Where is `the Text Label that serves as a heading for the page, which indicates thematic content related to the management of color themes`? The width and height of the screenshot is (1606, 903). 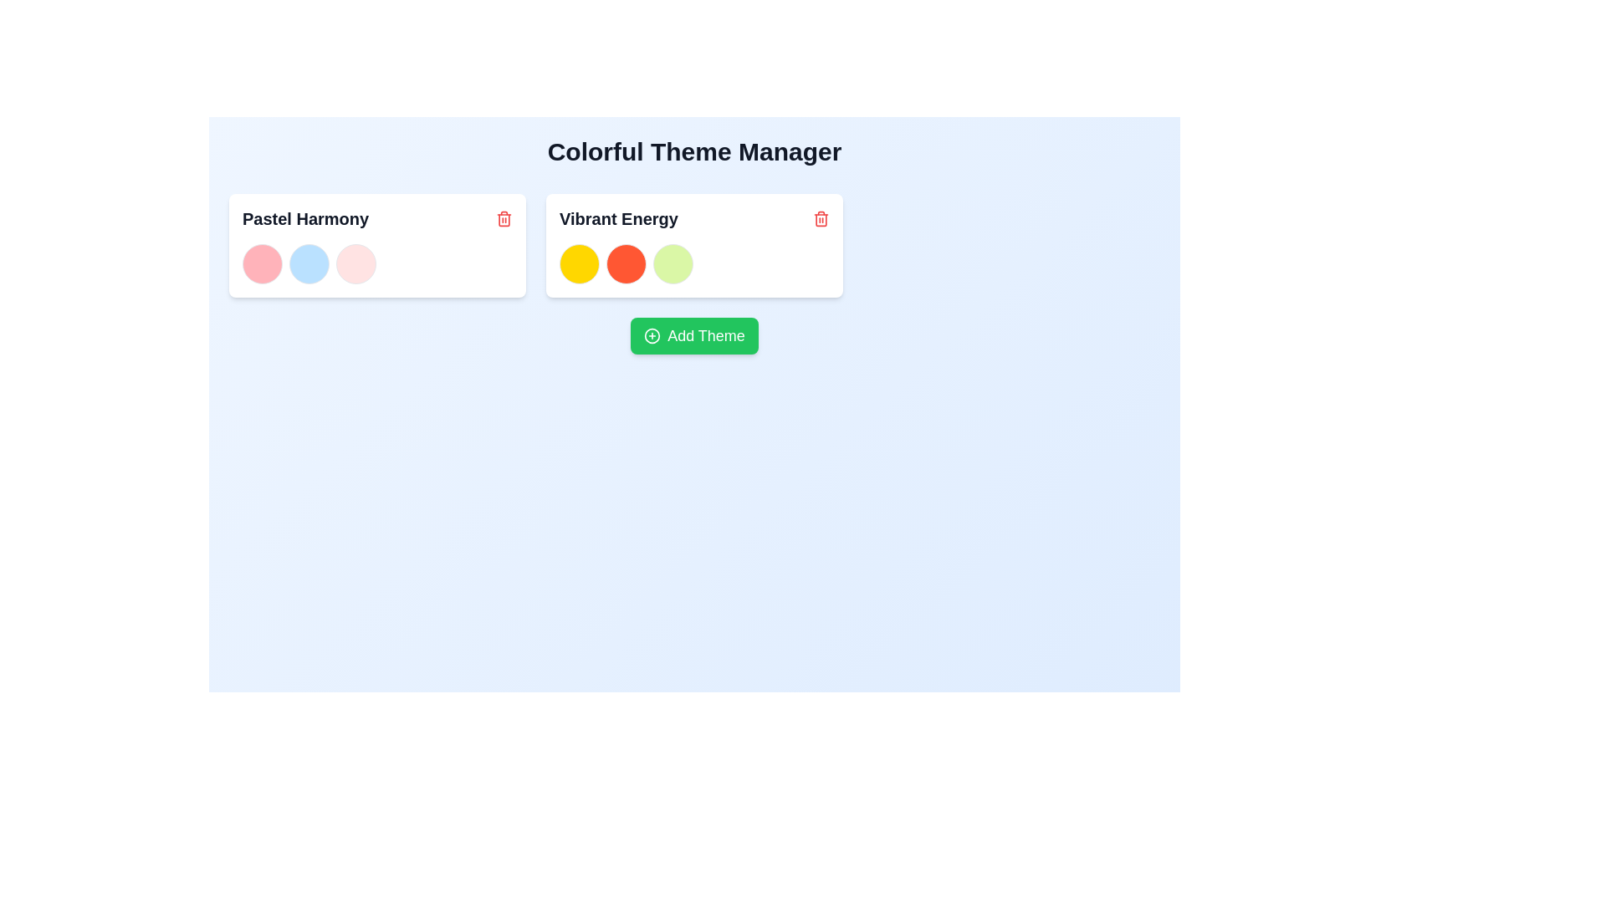 the Text Label that serves as a heading for the page, which indicates thematic content related to the management of color themes is located at coordinates (694, 151).